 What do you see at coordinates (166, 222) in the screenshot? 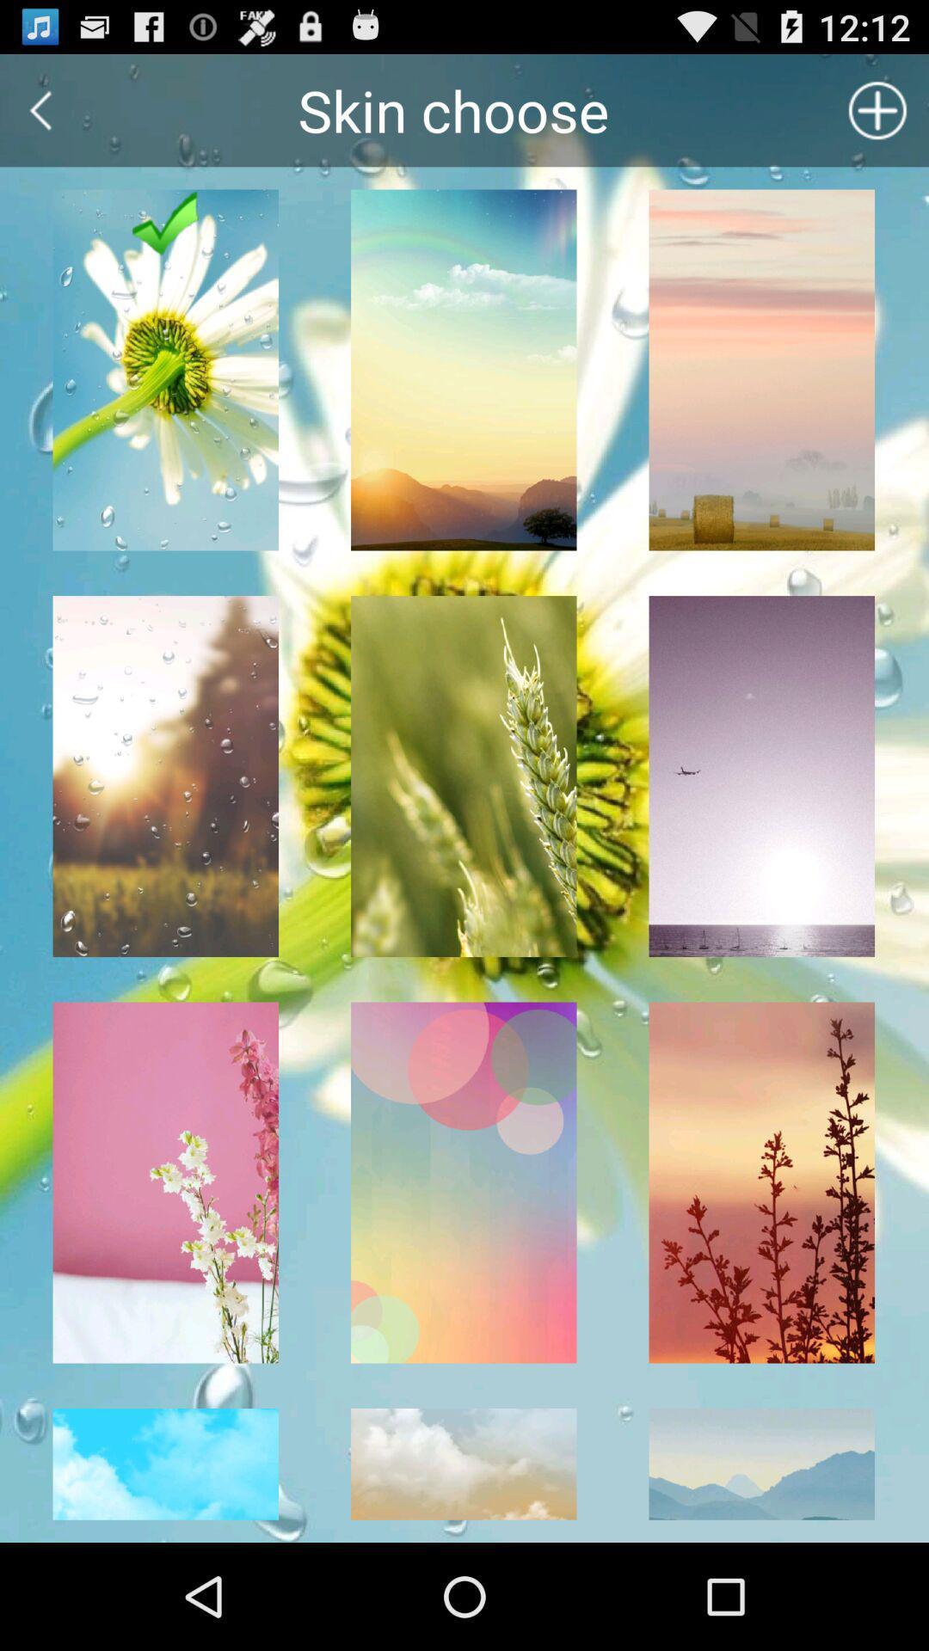
I see `the tick mark on the first image` at bounding box center [166, 222].